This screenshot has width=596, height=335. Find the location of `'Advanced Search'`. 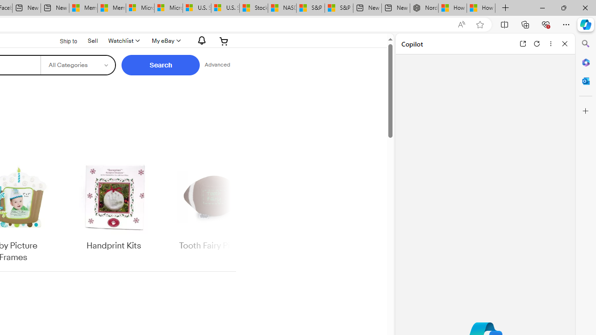

'Advanced Search' is located at coordinates (217, 65).